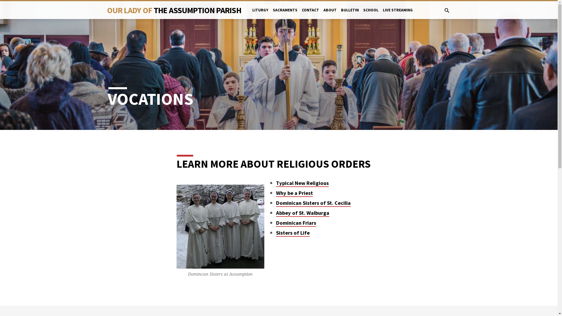  I want to click on 'Abbey of St. Walburga', so click(302, 213).